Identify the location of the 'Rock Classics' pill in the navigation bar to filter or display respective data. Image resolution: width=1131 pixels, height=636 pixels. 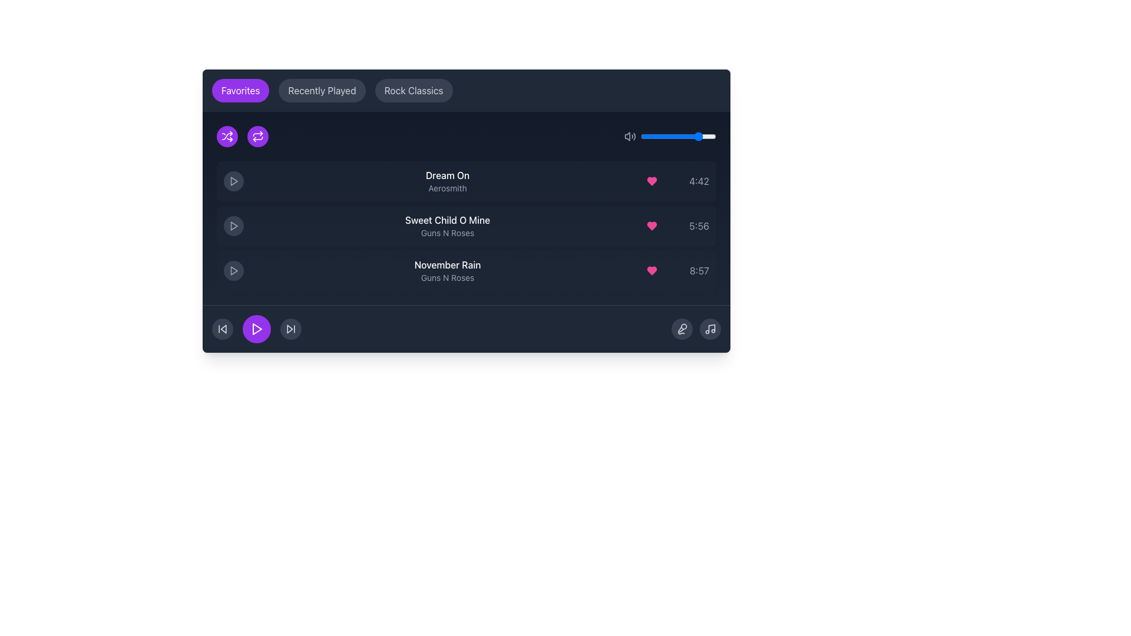
(466, 90).